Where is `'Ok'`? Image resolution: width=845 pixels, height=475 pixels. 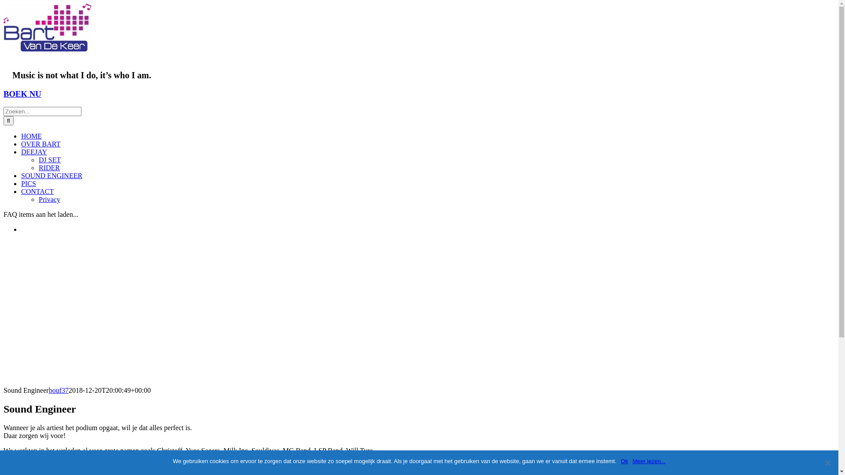
'Ok' is located at coordinates (621, 461).